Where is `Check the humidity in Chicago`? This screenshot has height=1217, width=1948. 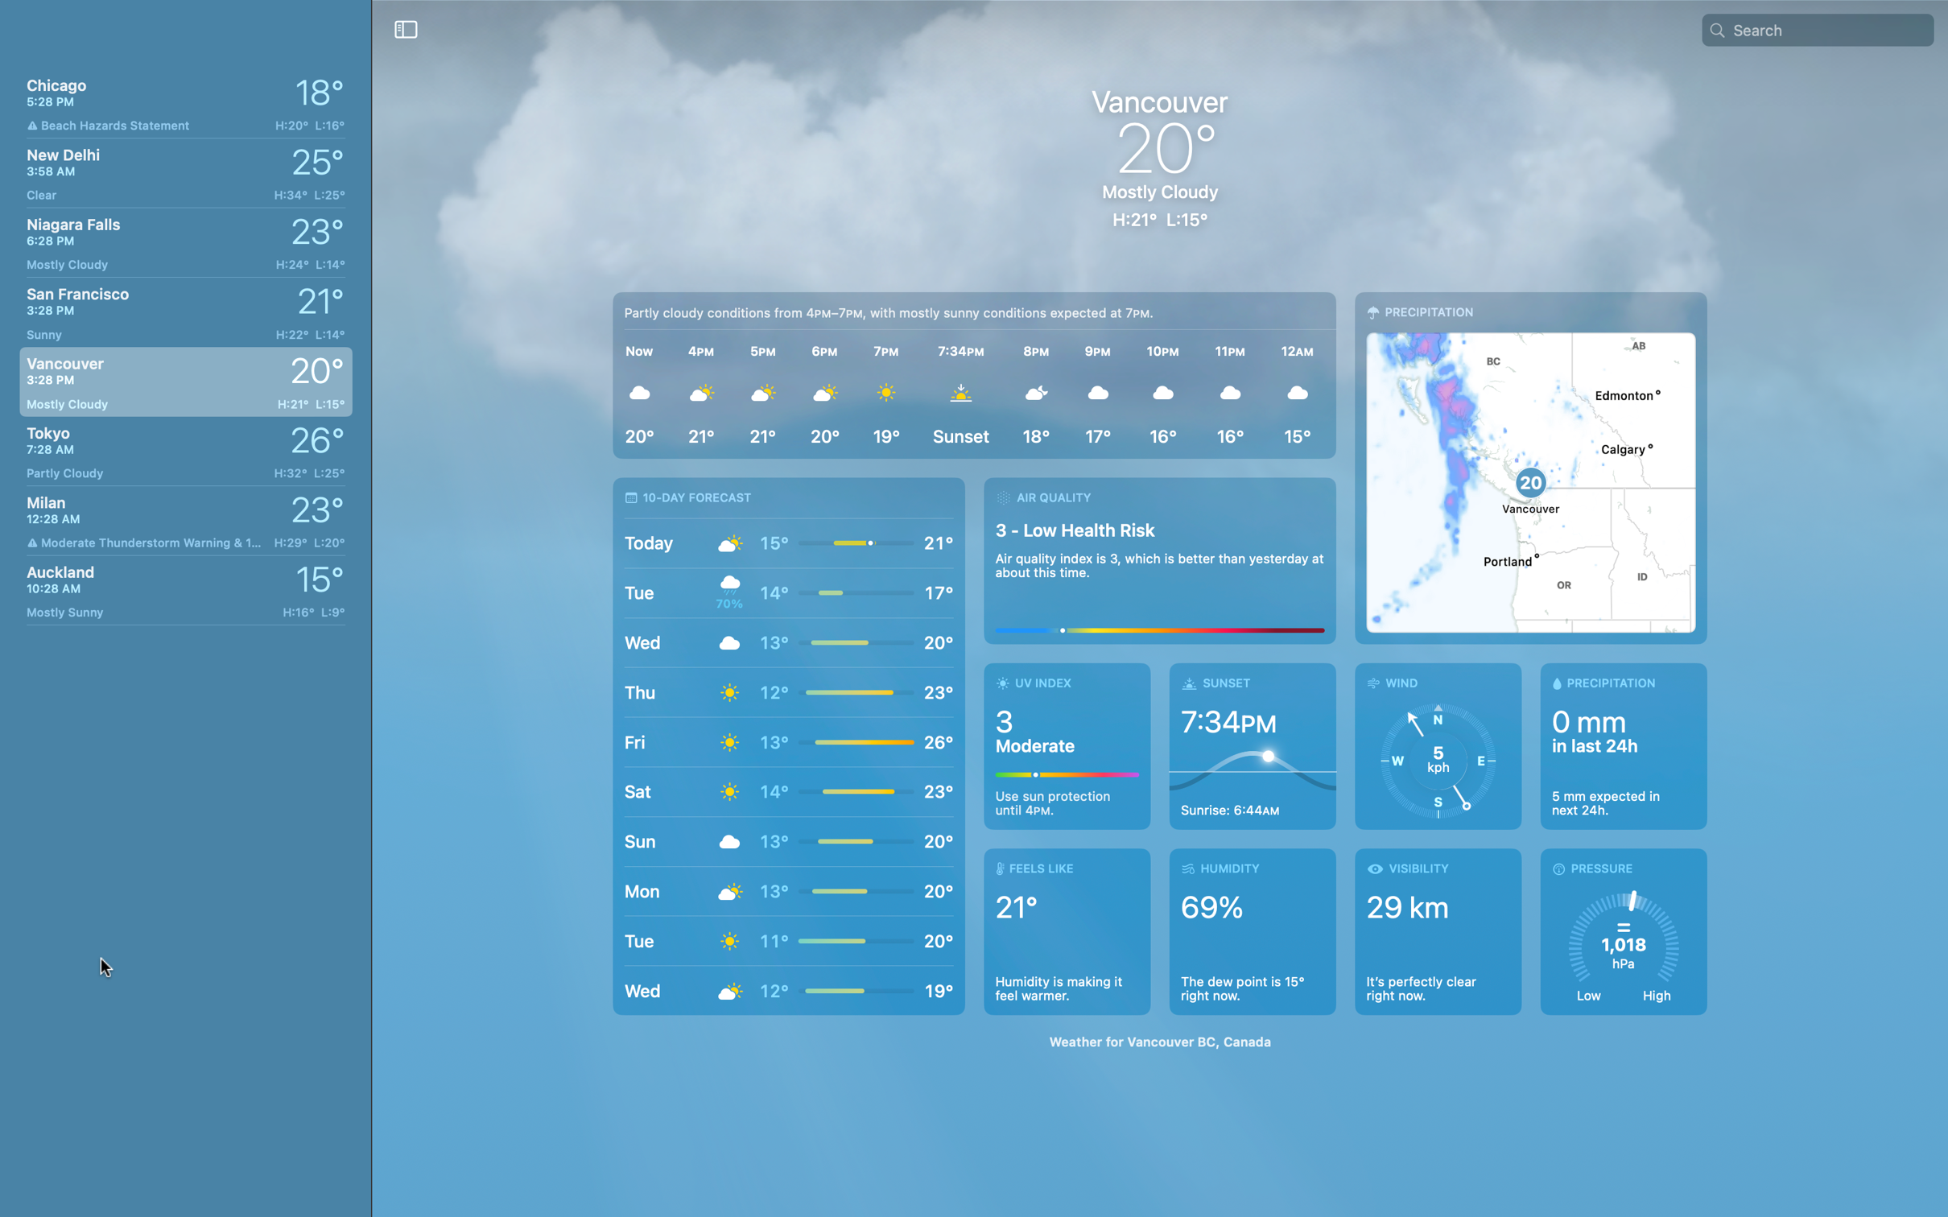
Check the humidity in Chicago is located at coordinates (1256, 932).